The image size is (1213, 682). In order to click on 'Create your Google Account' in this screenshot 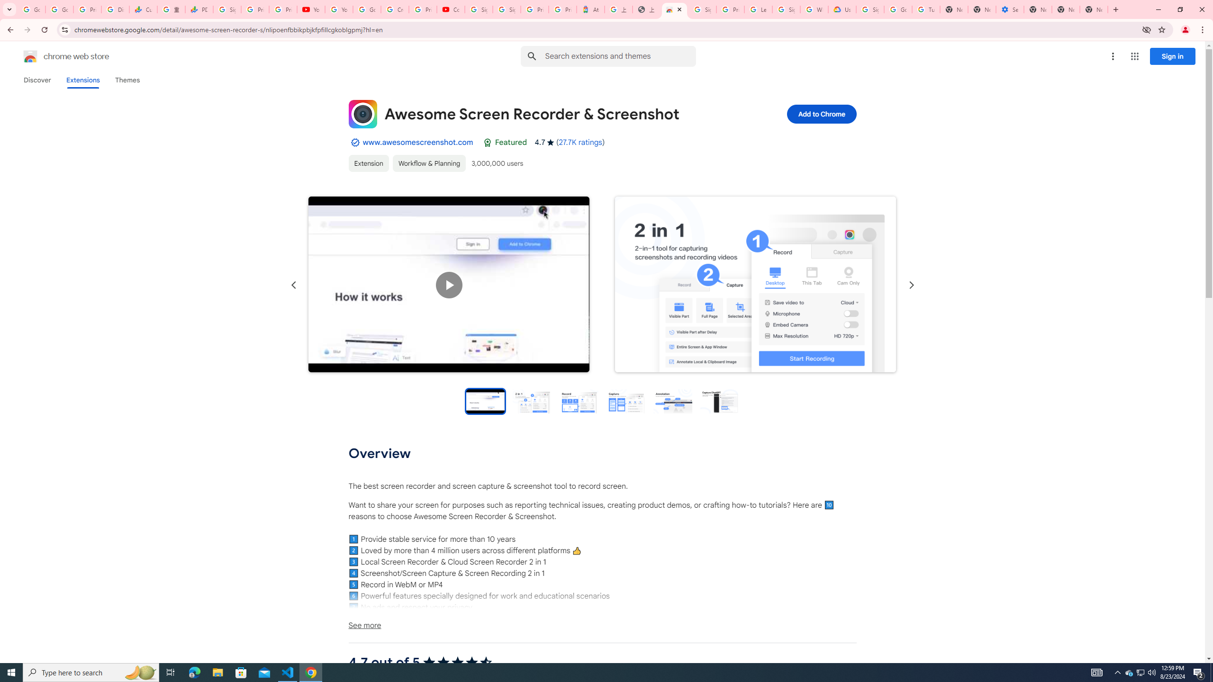, I will do `click(395, 9)`.